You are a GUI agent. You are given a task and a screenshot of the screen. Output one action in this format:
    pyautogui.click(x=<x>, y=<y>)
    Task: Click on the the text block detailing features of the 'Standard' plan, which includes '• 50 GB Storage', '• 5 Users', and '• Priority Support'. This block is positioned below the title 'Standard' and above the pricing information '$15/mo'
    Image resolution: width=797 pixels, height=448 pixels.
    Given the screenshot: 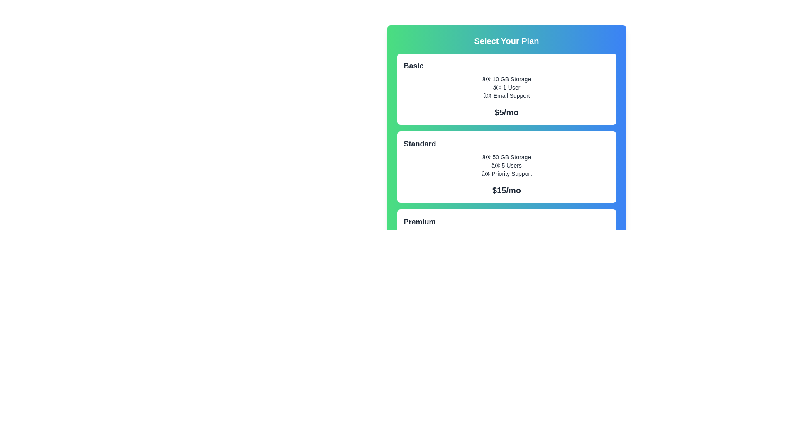 What is the action you would take?
    pyautogui.click(x=506, y=165)
    